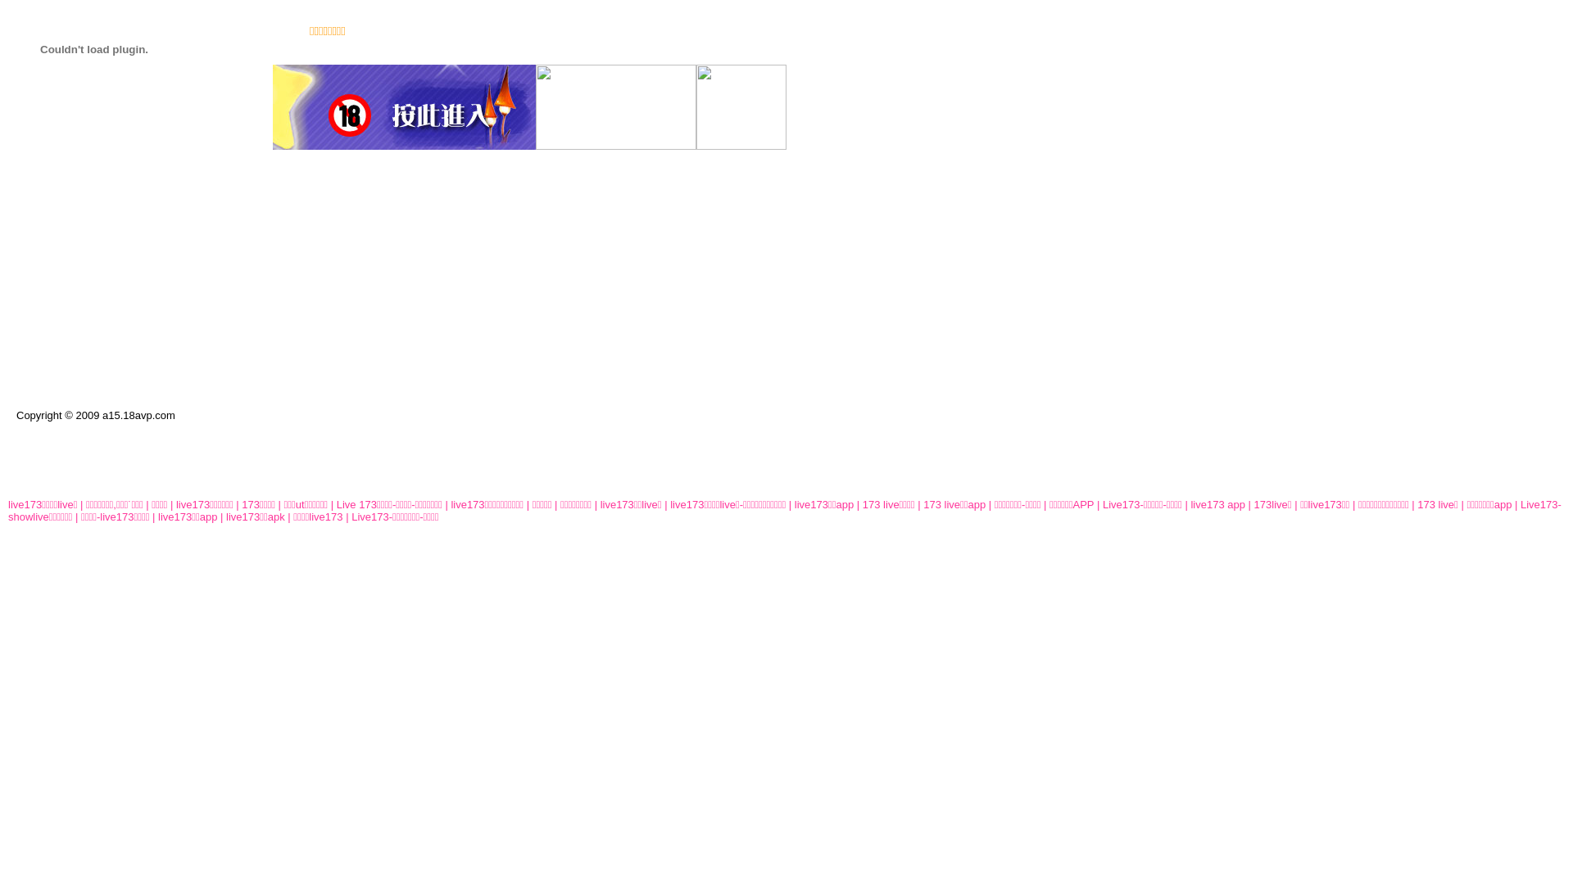 The width and height of the screenshot is (1573, 884). What do you see at coordinates (1217, 503) in the screenshot?
I see `'live173 app'` at bounding box center [1217, 503].